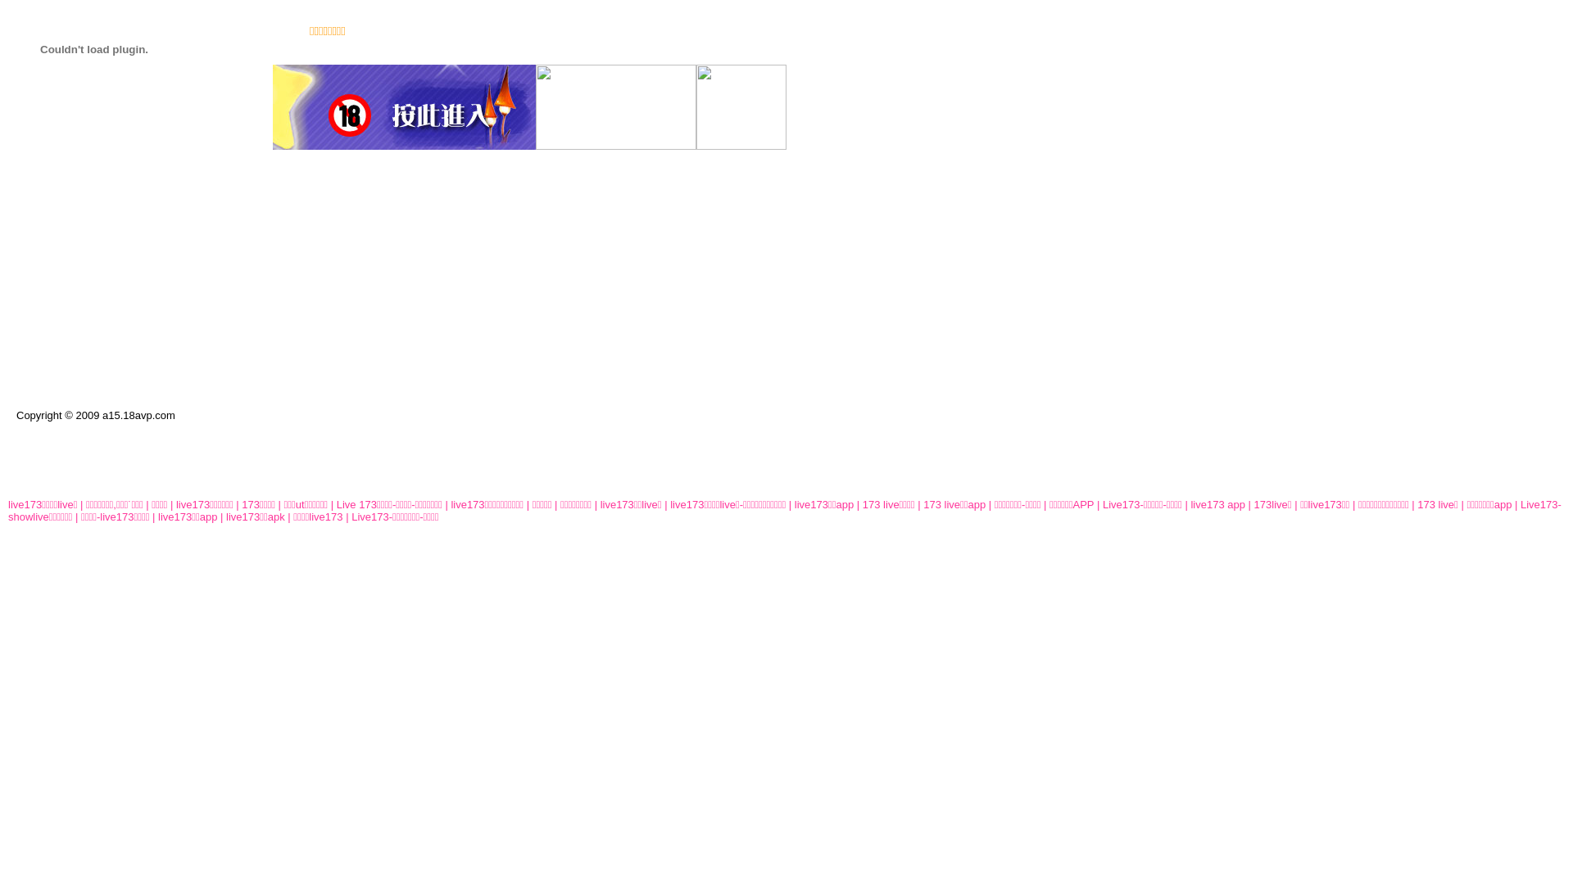 The width and height of the screenshot is (1573, 884). What do you see at coordinates (1217, 503) in the screenshot?
I see `'live173 app'` at bounding box center [1217, 503].